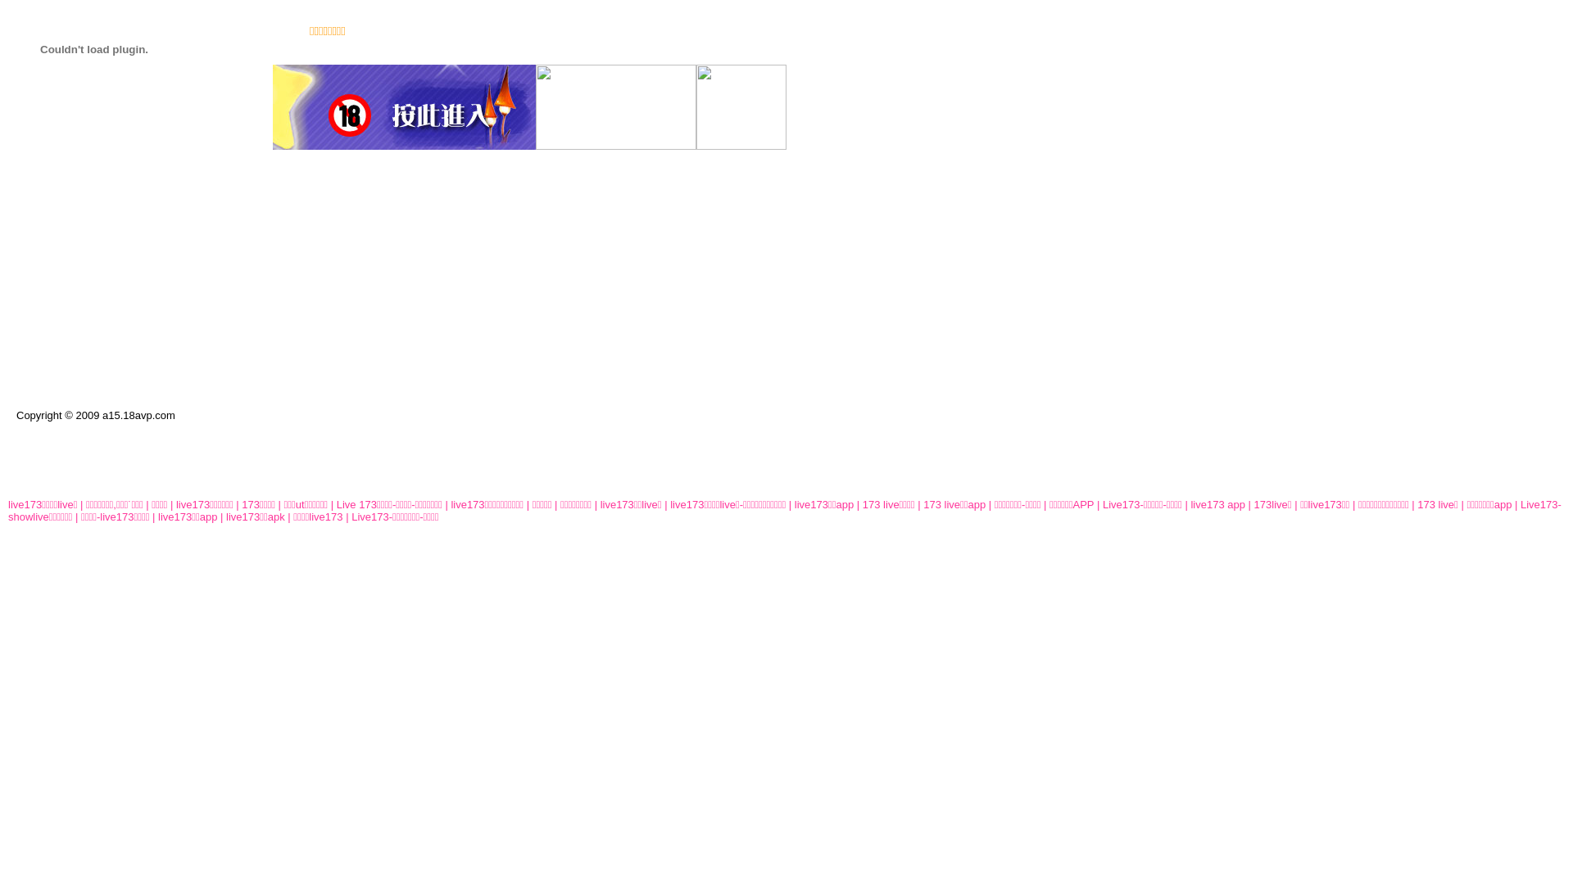 The width and height of the screenshot is (1573, 884). What do you see at coordinates (1217, 503) in the screenshot?
I see `'live173 app'` at bounding box center [1217, 503].